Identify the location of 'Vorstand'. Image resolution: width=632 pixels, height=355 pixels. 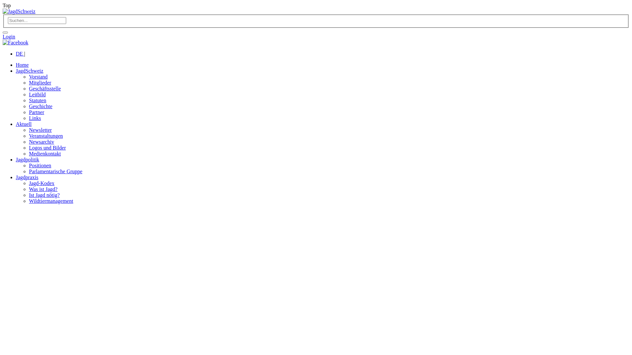
(38, 76).